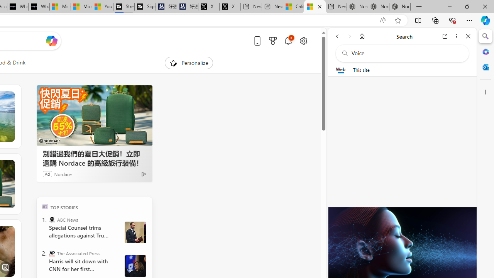 Image resolution: width=494 pixels, height=278 pixels. Describe the element at coordinates (349, 36) in the screenshot. I see `'Forward'` at that location.